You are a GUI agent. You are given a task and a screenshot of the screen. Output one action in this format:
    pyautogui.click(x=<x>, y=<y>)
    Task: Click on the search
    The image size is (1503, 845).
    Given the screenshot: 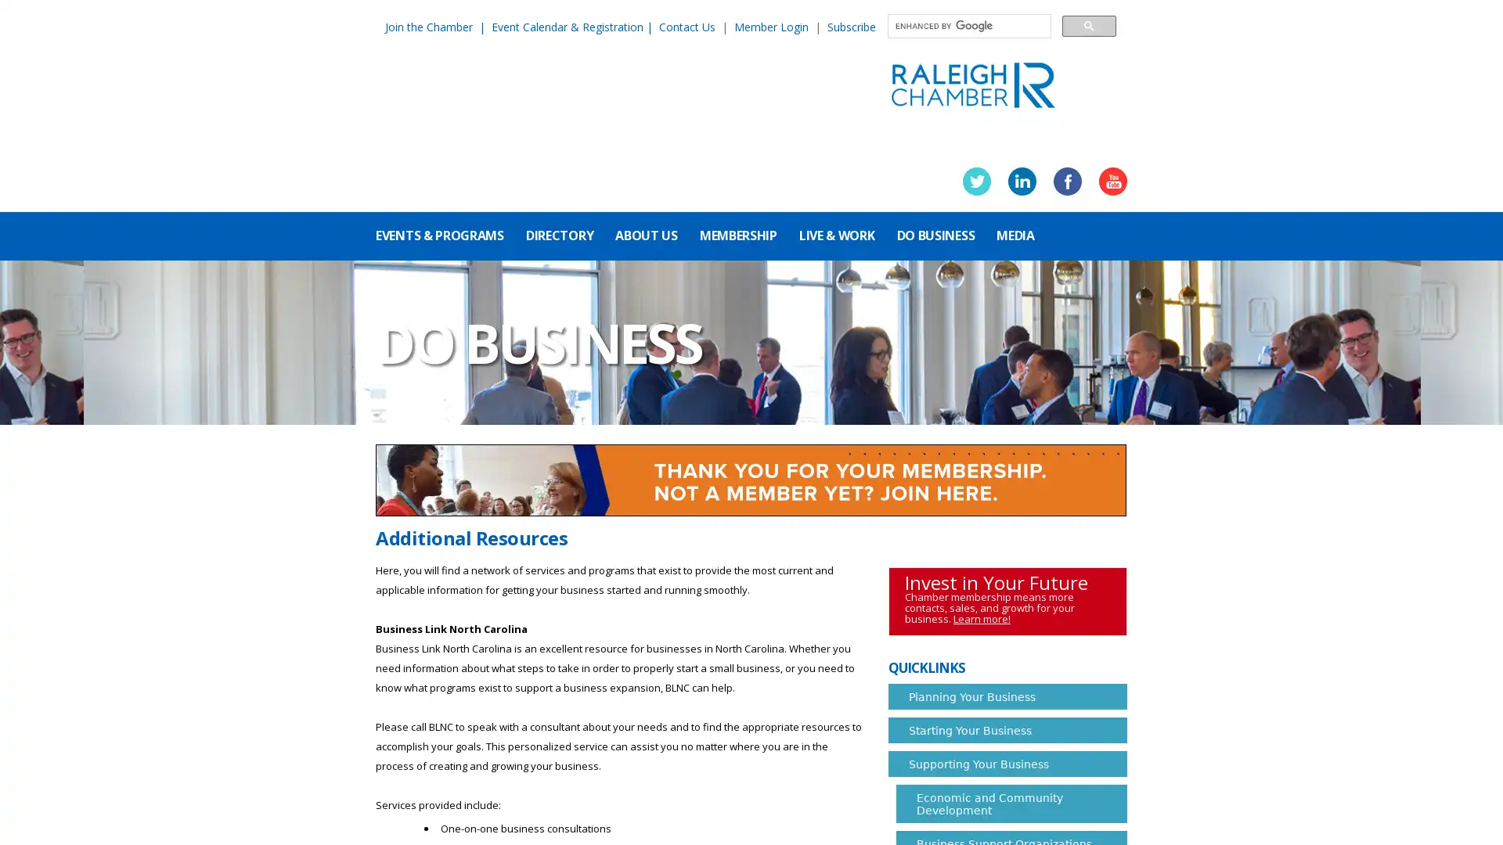 What is the action you would take?
    pyautogui.click(x=1088, y=25)
    